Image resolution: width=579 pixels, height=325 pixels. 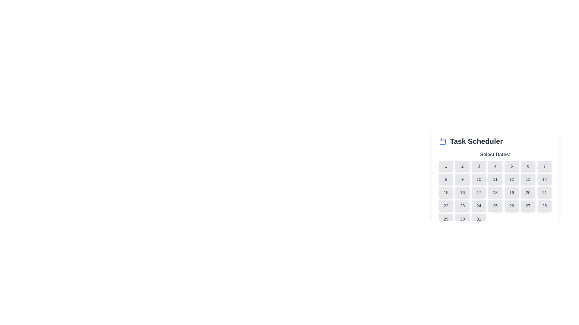 What do you see at coordinates (446, 205) in the screenshot?
I see `the button labeled '22', which is the 22nd button in a grid layout` at bounding box center [446, 205].